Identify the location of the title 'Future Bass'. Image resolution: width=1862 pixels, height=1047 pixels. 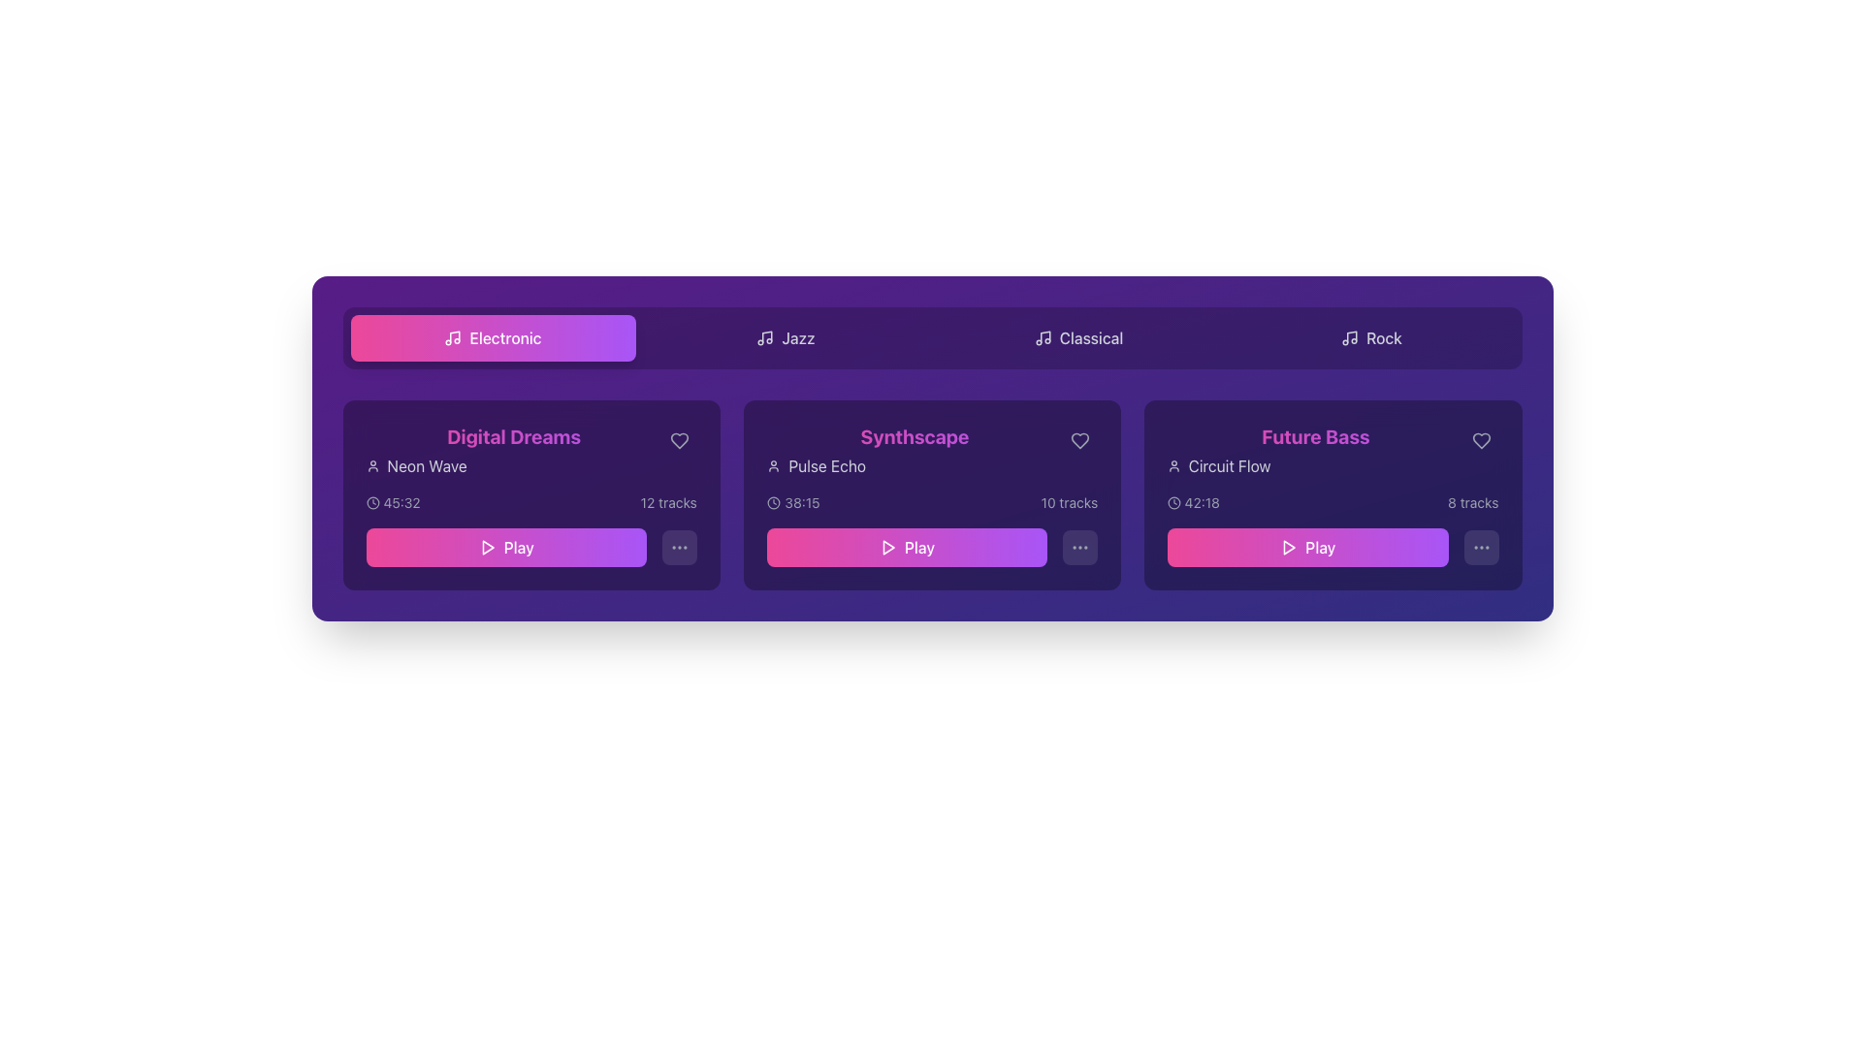
(1315, 451).